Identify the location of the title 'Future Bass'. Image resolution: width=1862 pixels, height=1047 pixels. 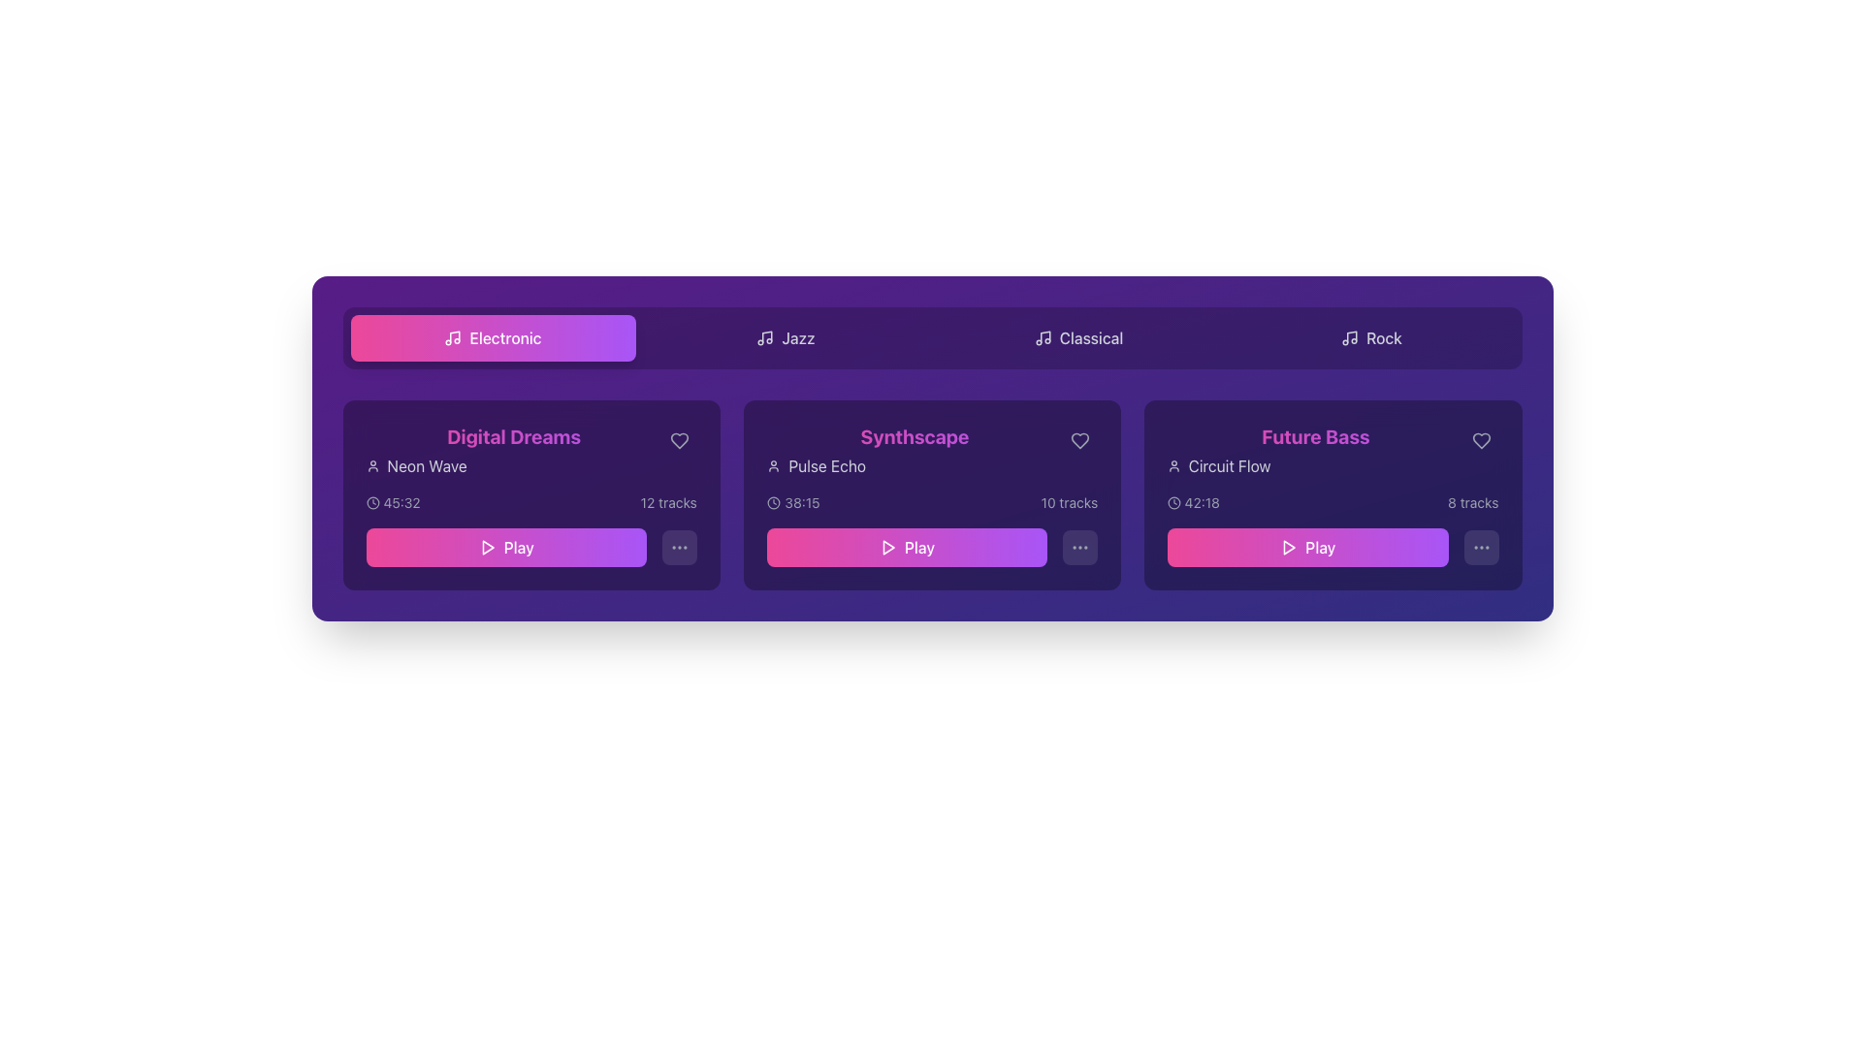
(1315, 451).